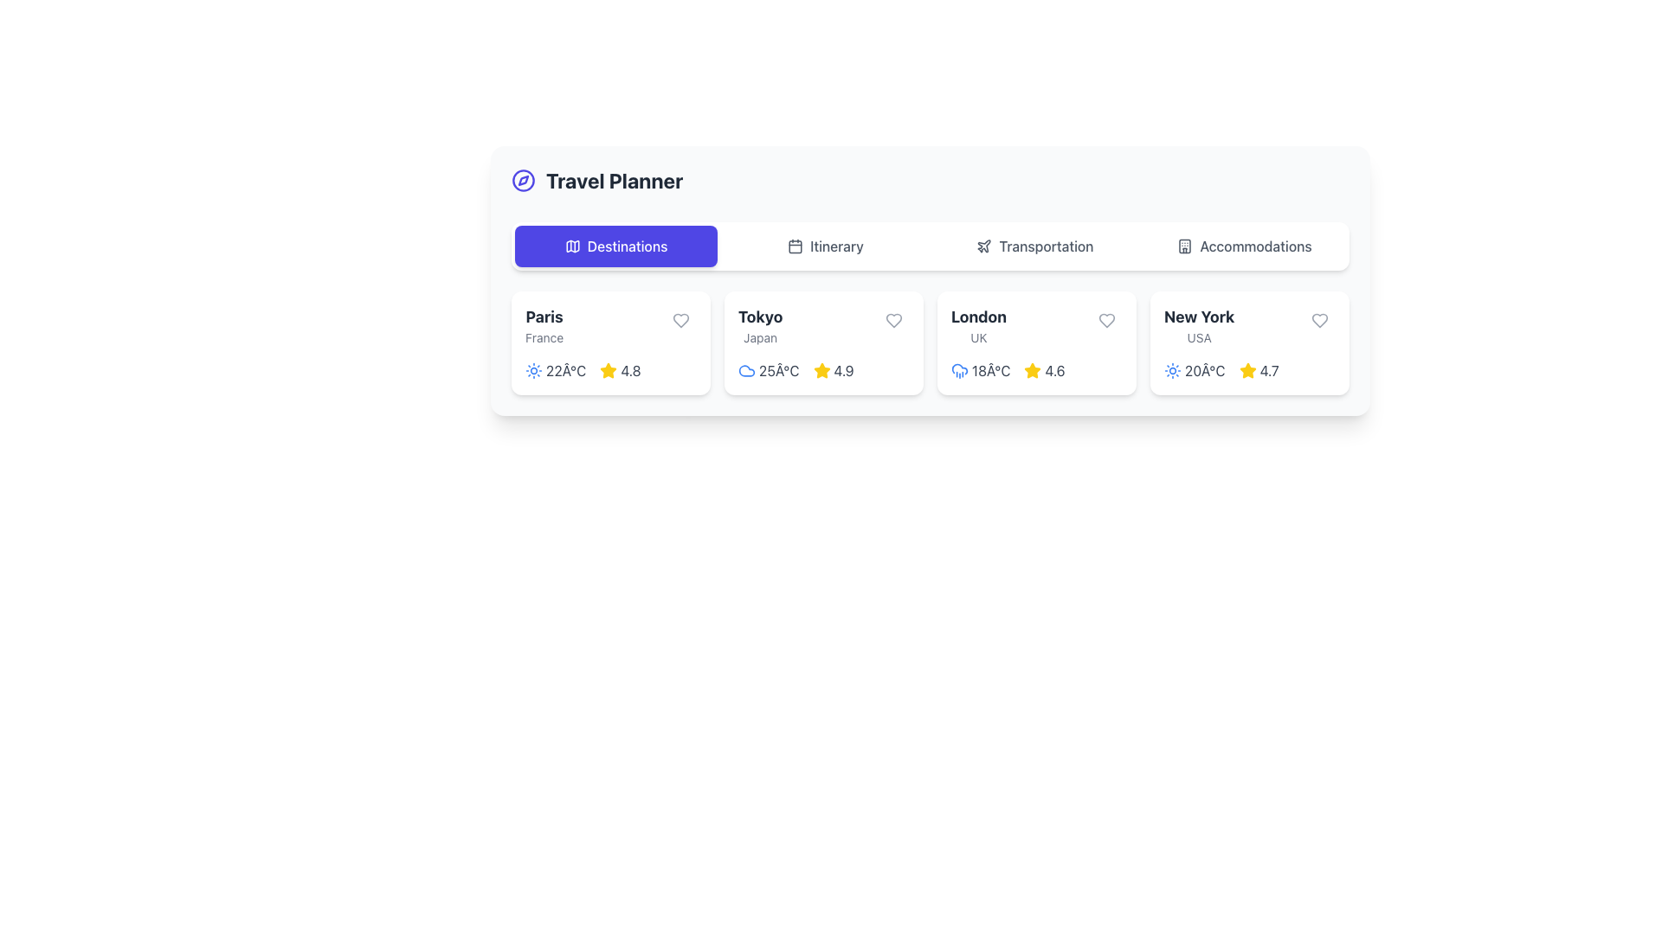  Describe the element at coordinates (1046, 246) in the screenshot. I see `the 'Transportation' text label within the navigation bar, which is centrally aligned and positioned between the 'Itinerary' and 'Accommodations' buttons` at that location.